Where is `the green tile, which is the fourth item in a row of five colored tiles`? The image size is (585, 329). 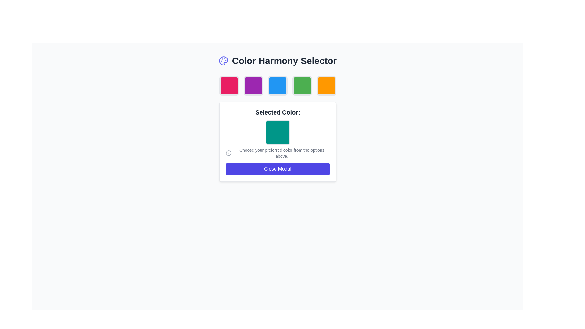 the green tile, which is the fourth item in a row of five colored tiles is located at coordinates (302, 86).